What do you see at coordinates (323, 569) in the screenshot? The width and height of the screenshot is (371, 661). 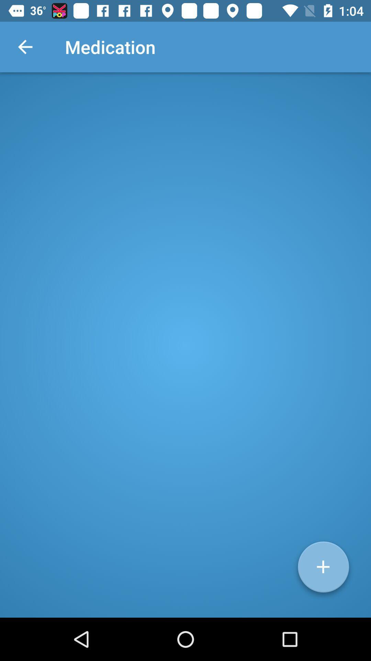 I see `the icon at the bottom right corner` at bounding box center [323, 569].